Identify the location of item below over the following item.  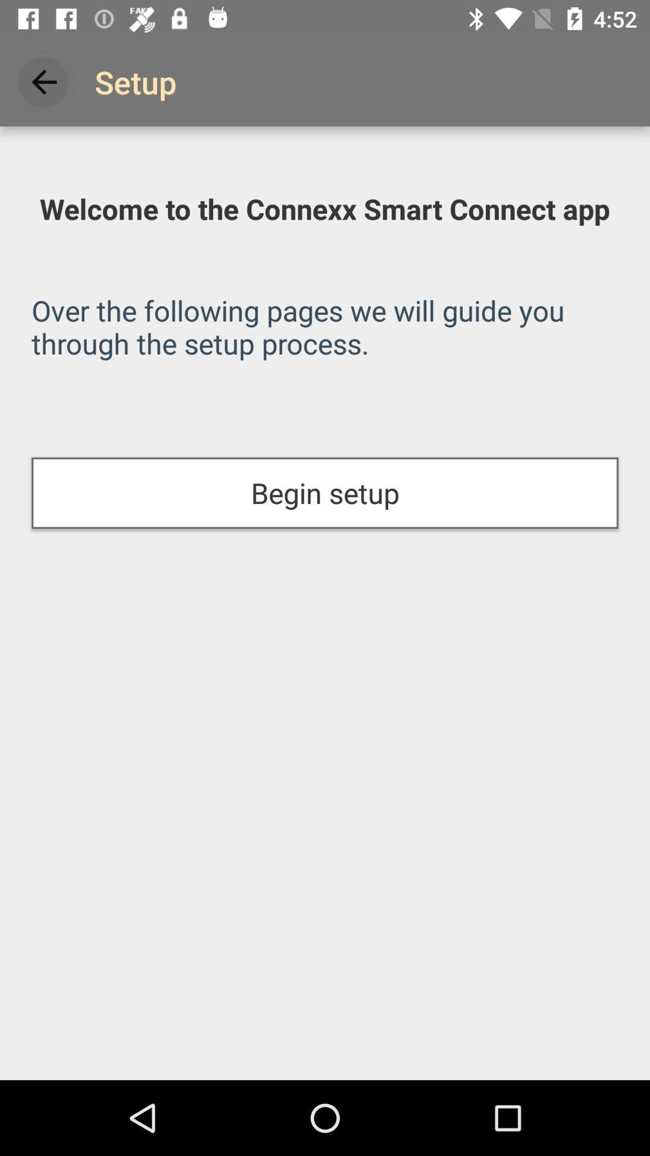
(325, 493).